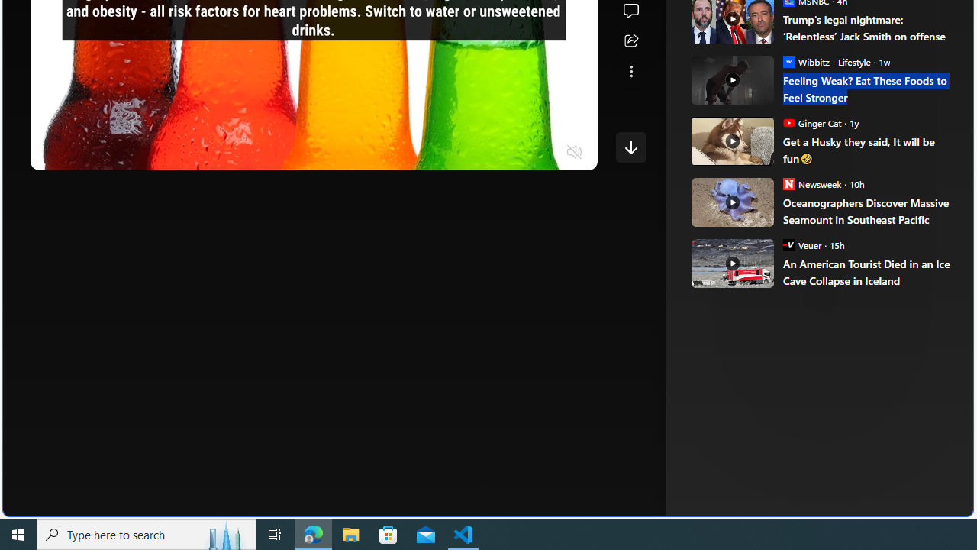  I want to click on 'Pause', so click(53, 153).